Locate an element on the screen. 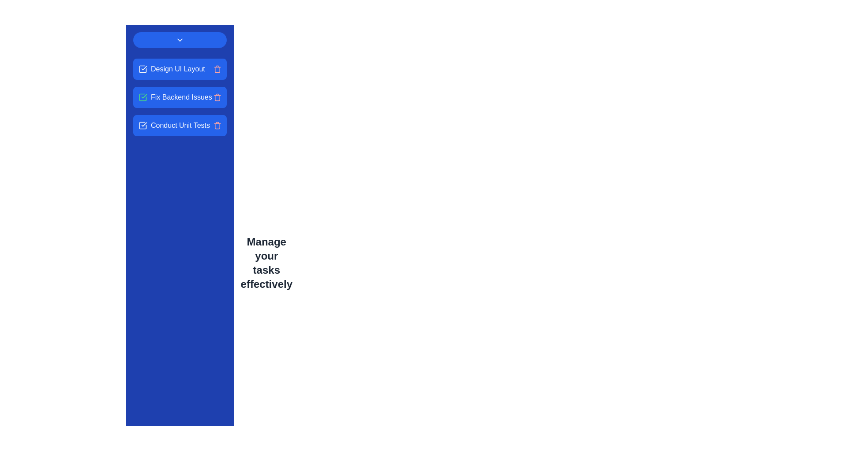 The width and height of the screenshot is (847, 476). the active checkbox with a blue background is located at coordinates (143, 126).